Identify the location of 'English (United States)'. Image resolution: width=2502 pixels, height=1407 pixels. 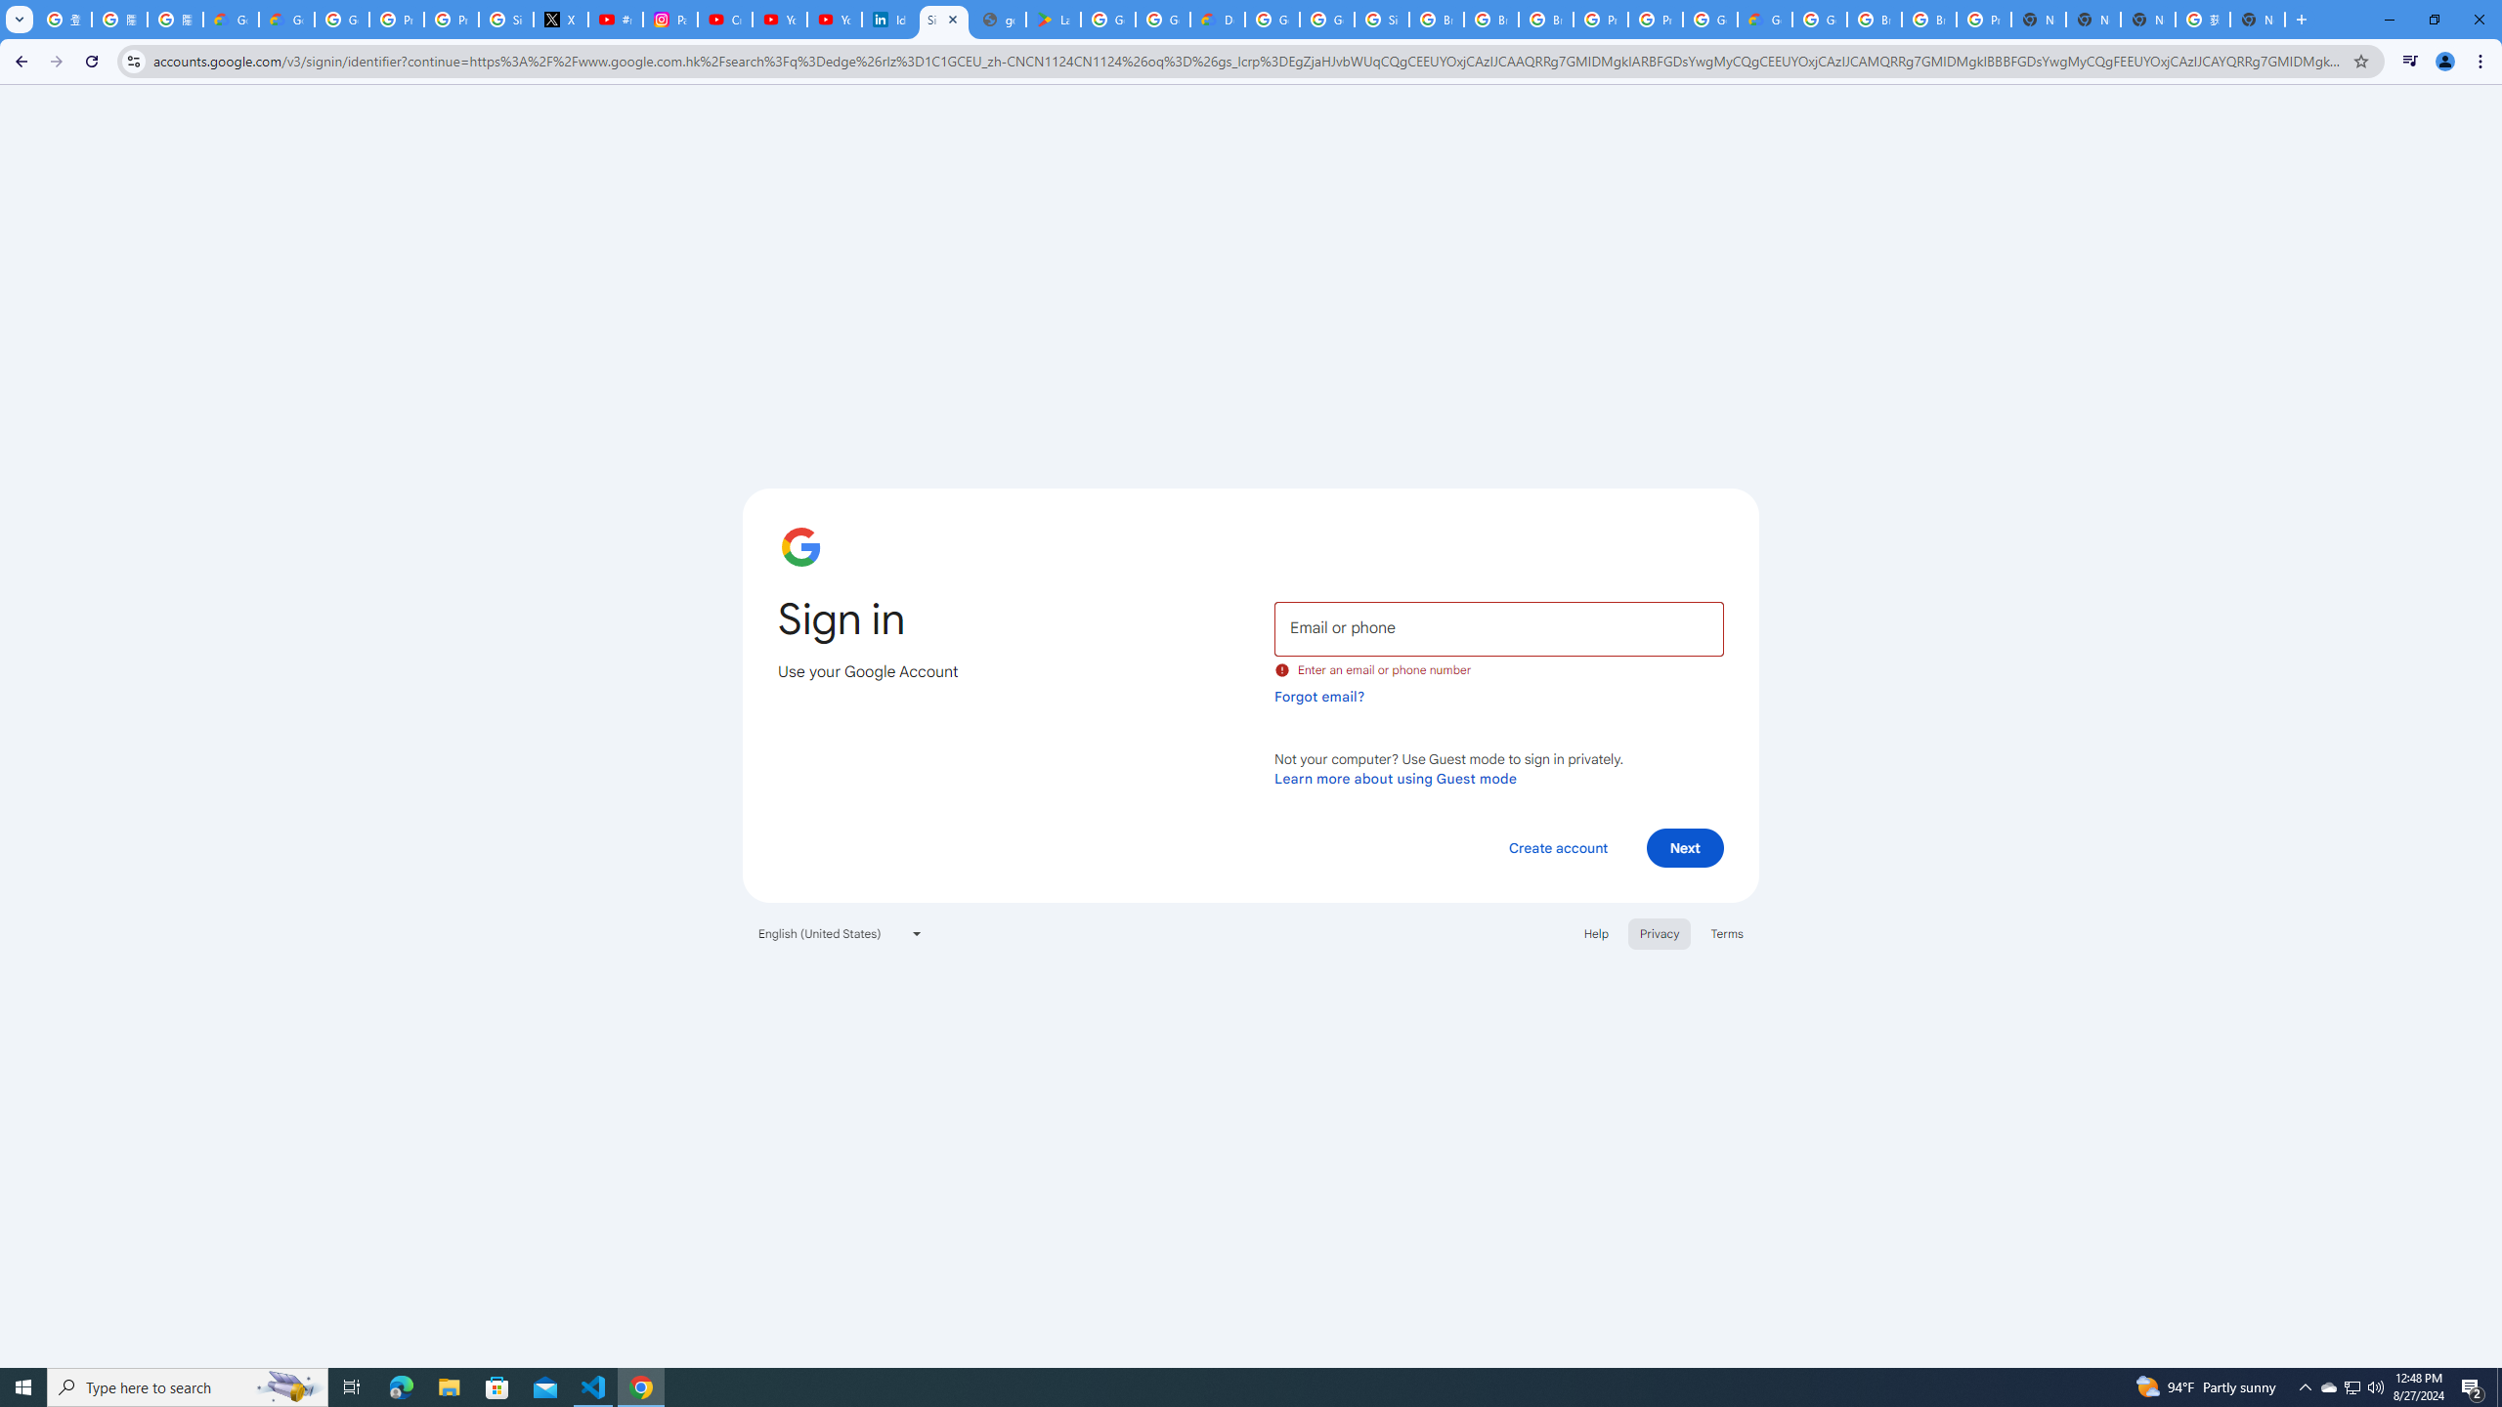
(841, 932).